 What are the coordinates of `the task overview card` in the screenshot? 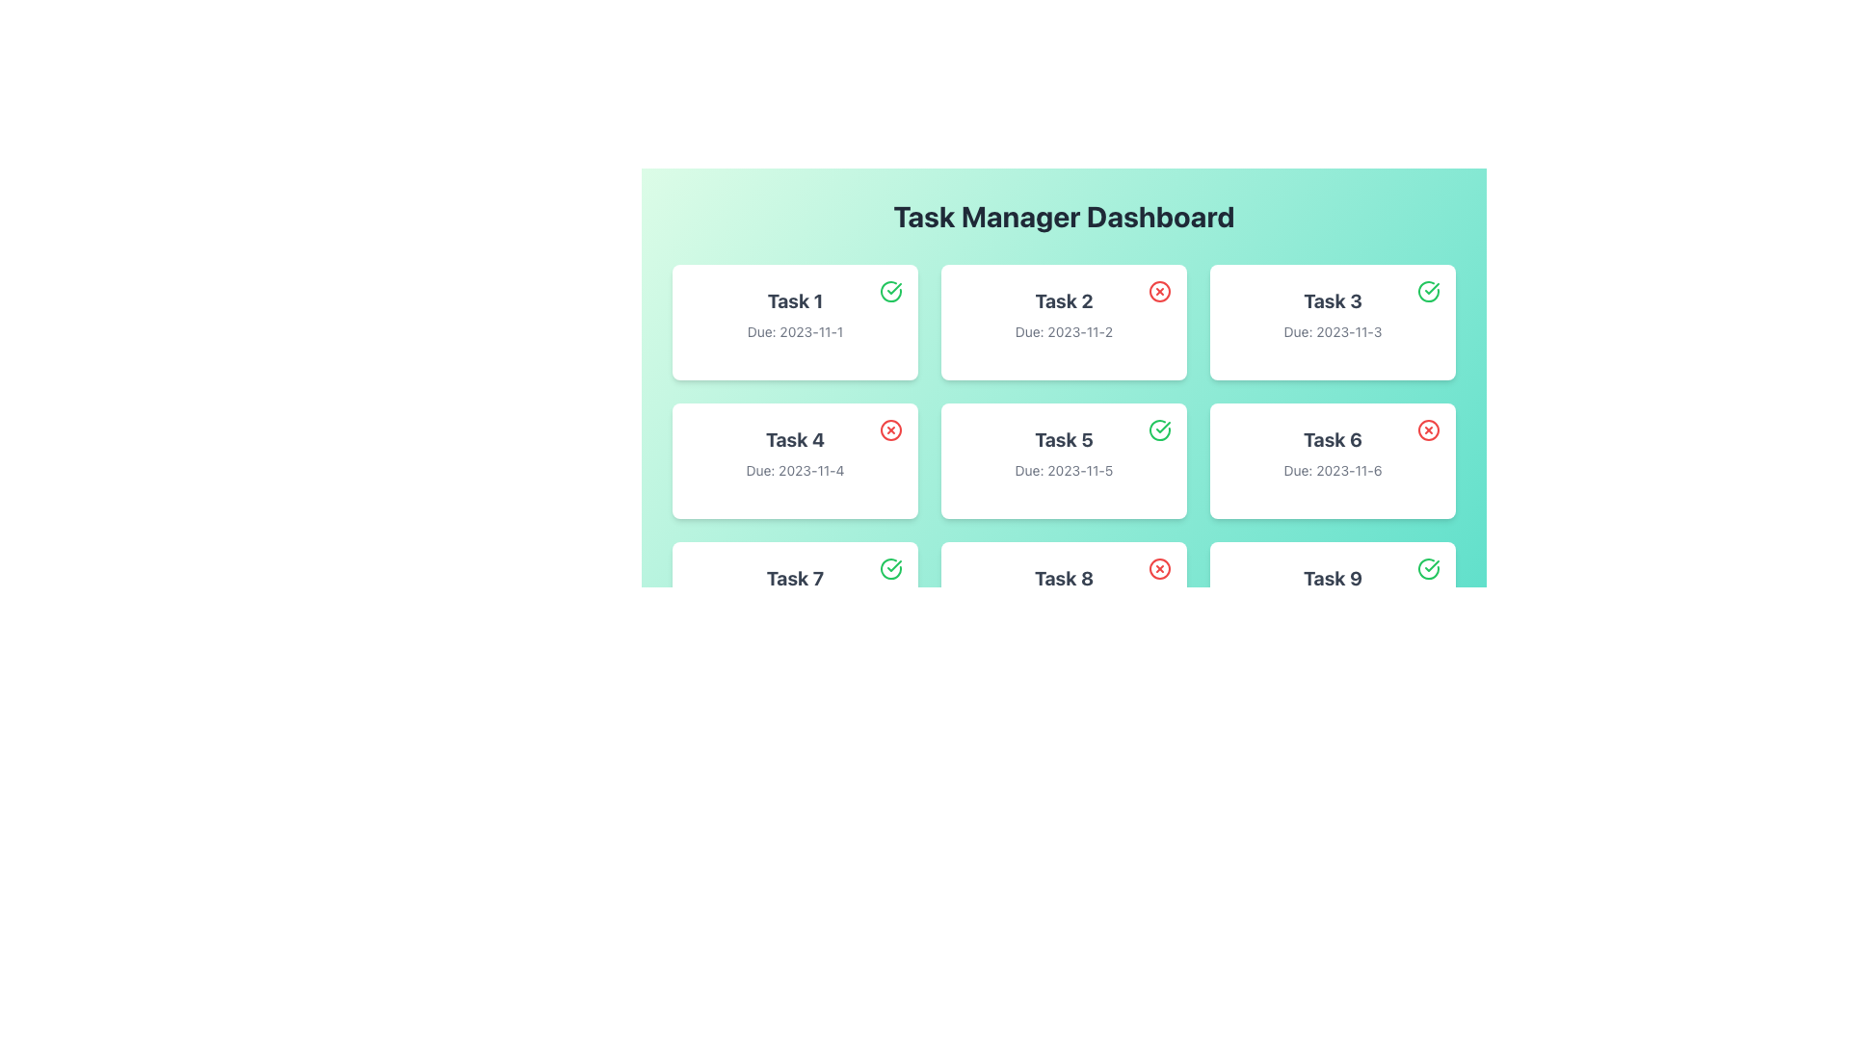 It's located at (1063, 366).